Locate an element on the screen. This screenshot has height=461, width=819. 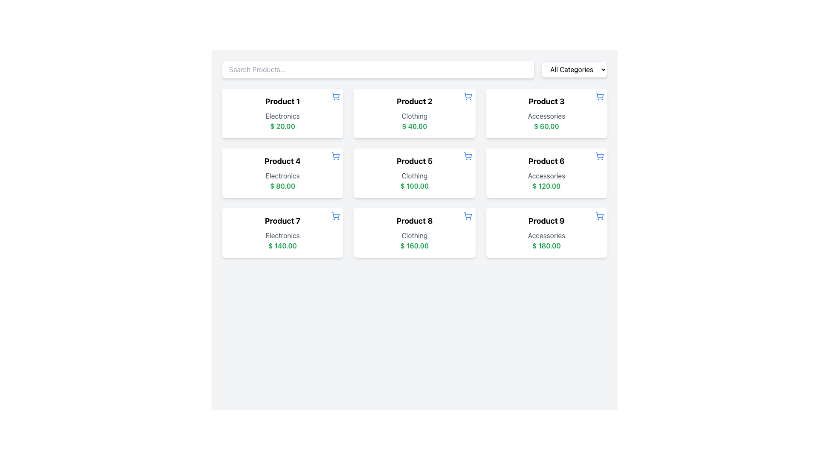
the dropdown menu located at the top-right corner of the interface is located at coordinates (574, 69).